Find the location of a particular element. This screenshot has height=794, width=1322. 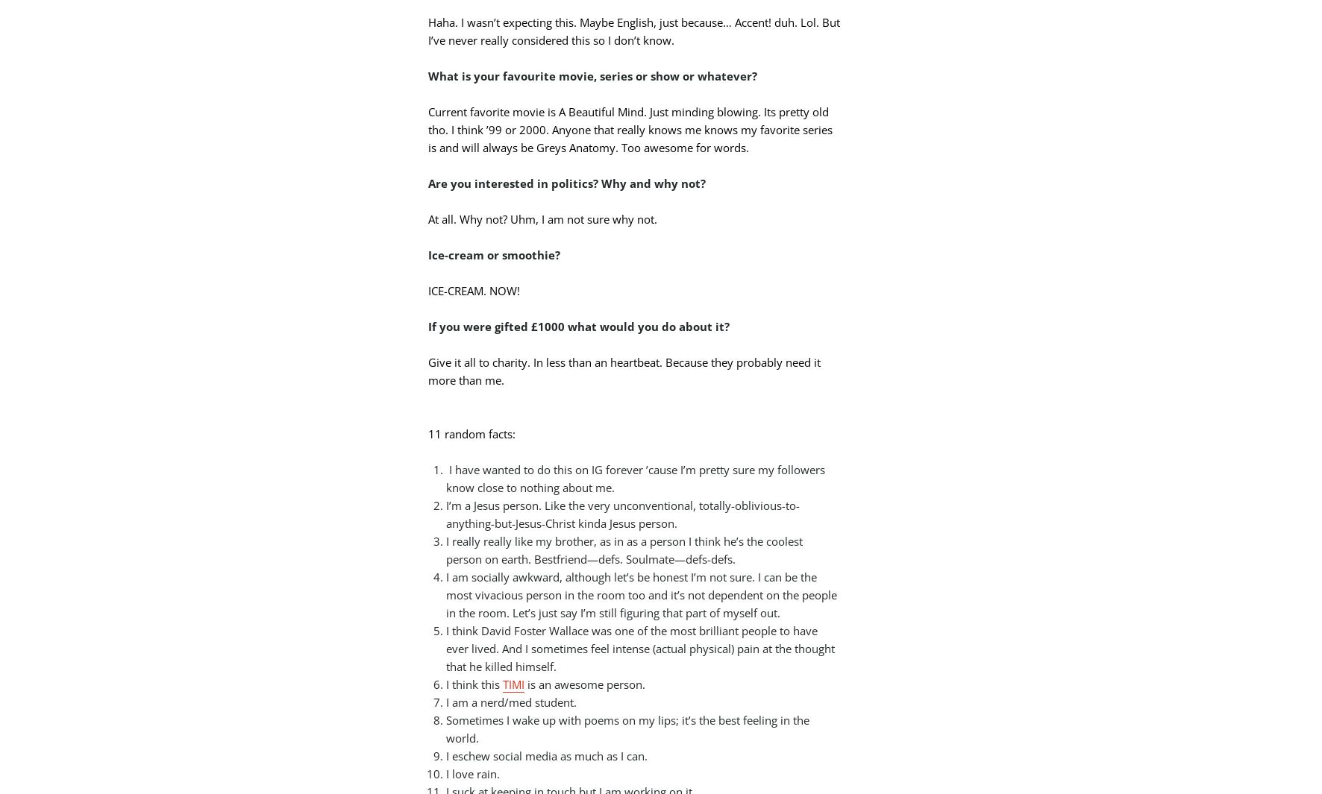

'Haha. I wasn’t expecting this. Maybe English, just because… Accent! duh. Lol. But I’ve never really considered this so I don’t know.' is located at coordinates (427, 30).